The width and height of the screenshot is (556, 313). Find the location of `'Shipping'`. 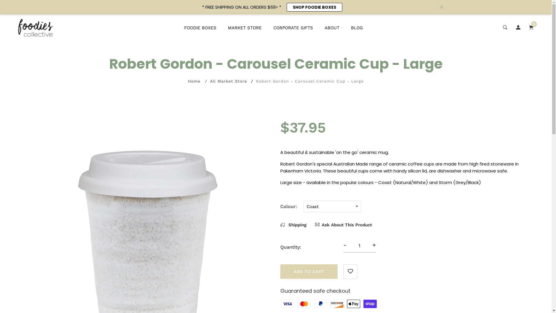

'Shipping' is located at coordinates (293, 224).